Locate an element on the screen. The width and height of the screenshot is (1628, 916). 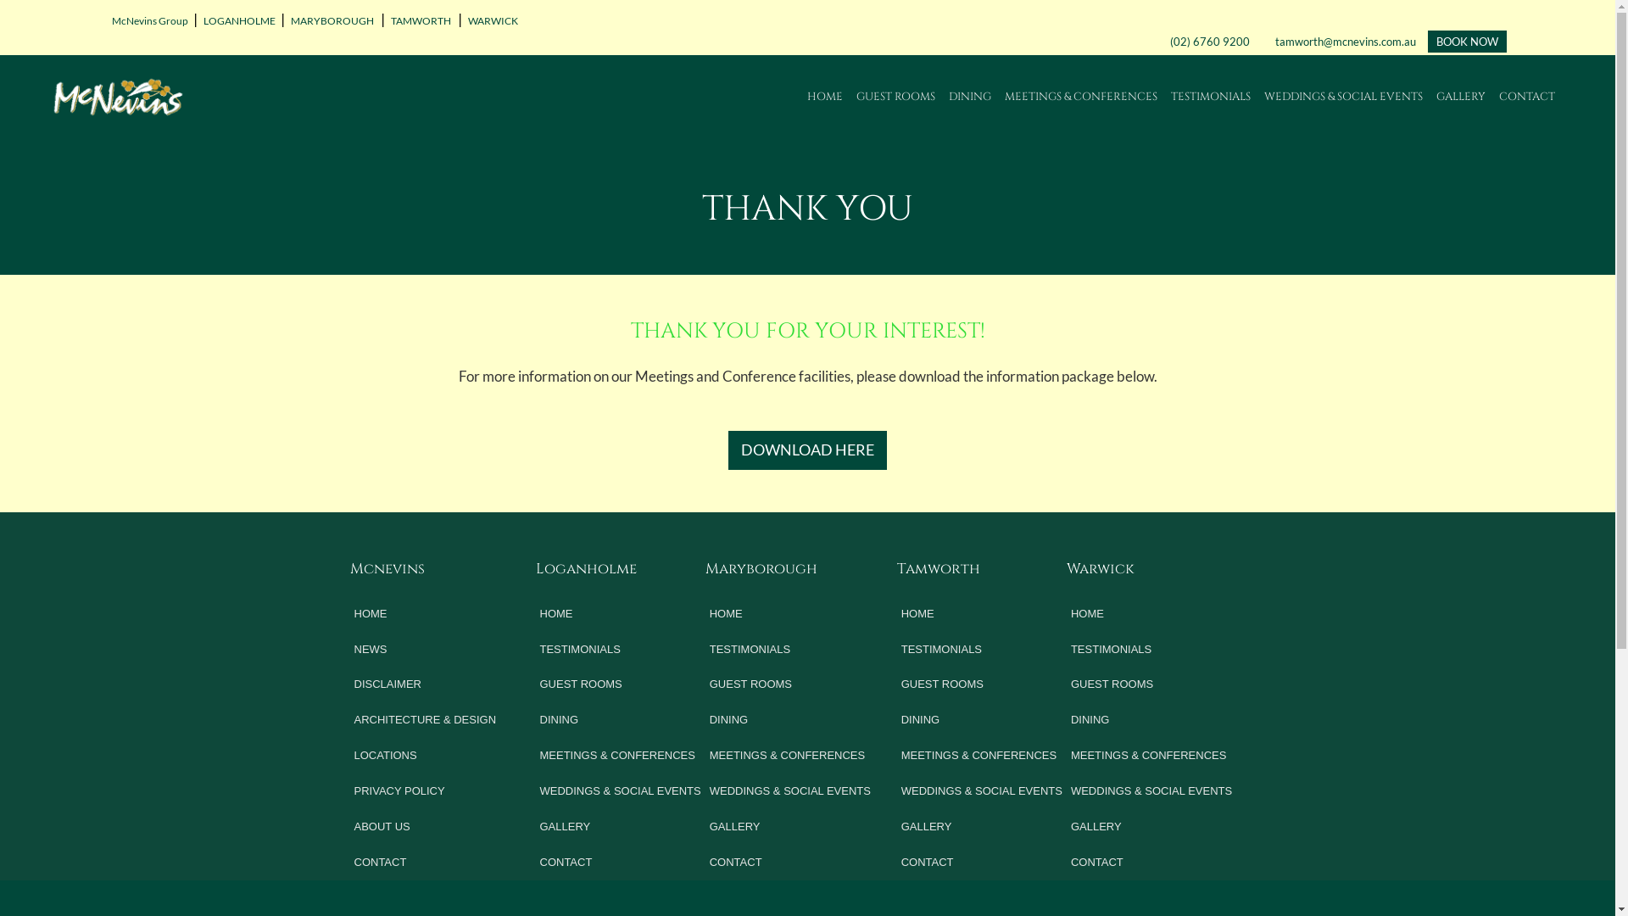
'TESTIMONIALS' is located at coordinates (622, 649).